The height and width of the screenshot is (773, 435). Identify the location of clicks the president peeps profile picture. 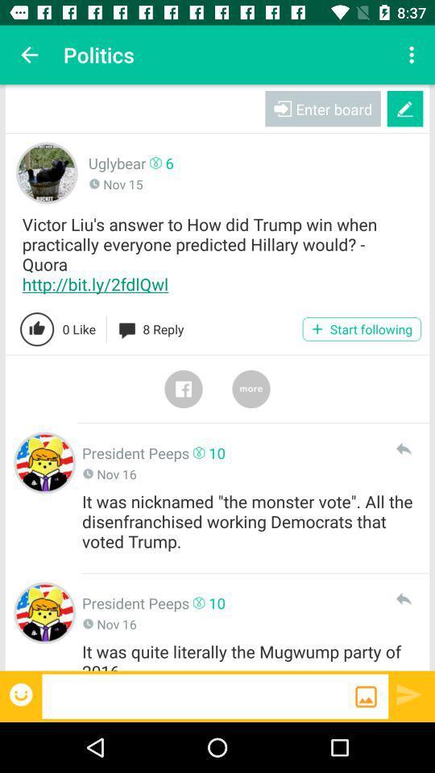
(44, 463).